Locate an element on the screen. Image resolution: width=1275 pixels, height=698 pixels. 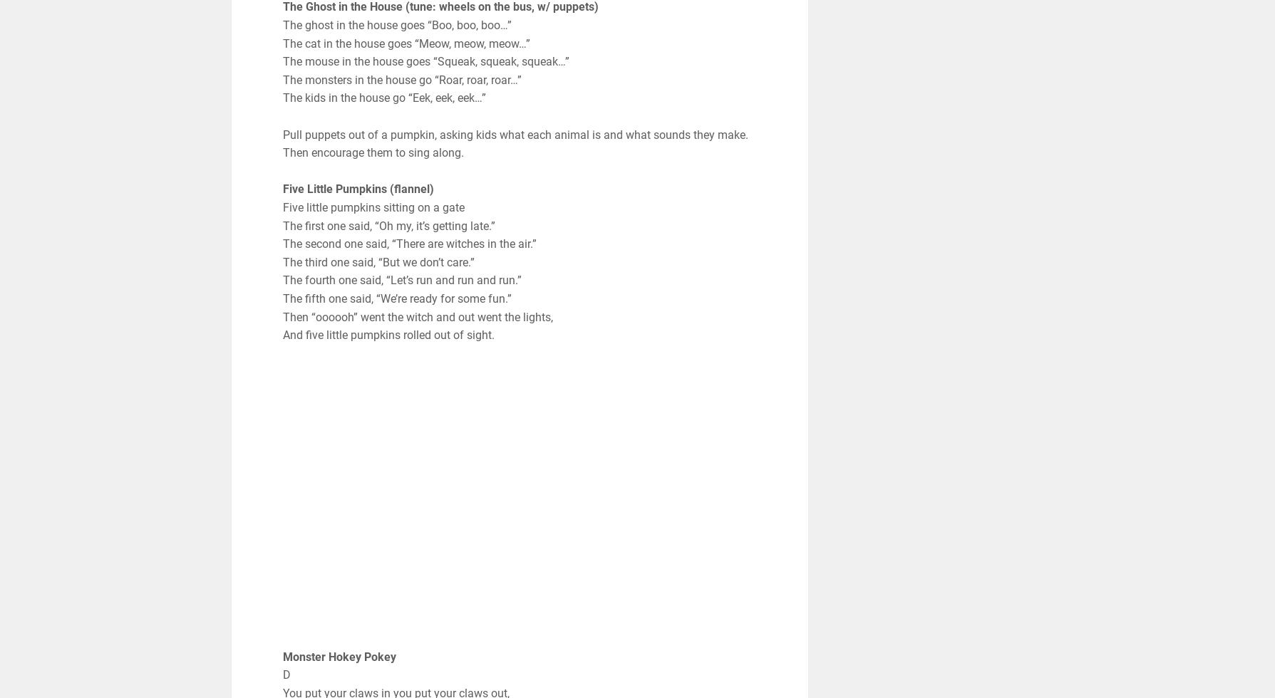
'Then “oooooh” went the witch and out went the lights,' is located at coordinates (416, 316).